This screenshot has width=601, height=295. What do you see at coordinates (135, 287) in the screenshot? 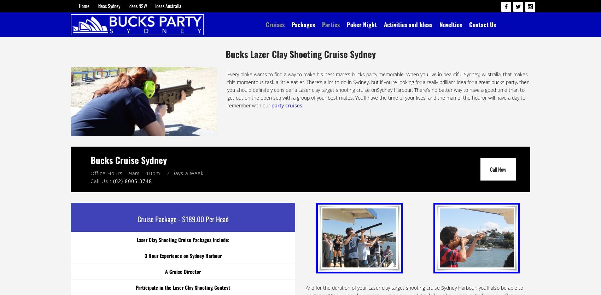
I see `'Participate in the Laser Clay Shooting Contest'` at bounding box center [135, 287].